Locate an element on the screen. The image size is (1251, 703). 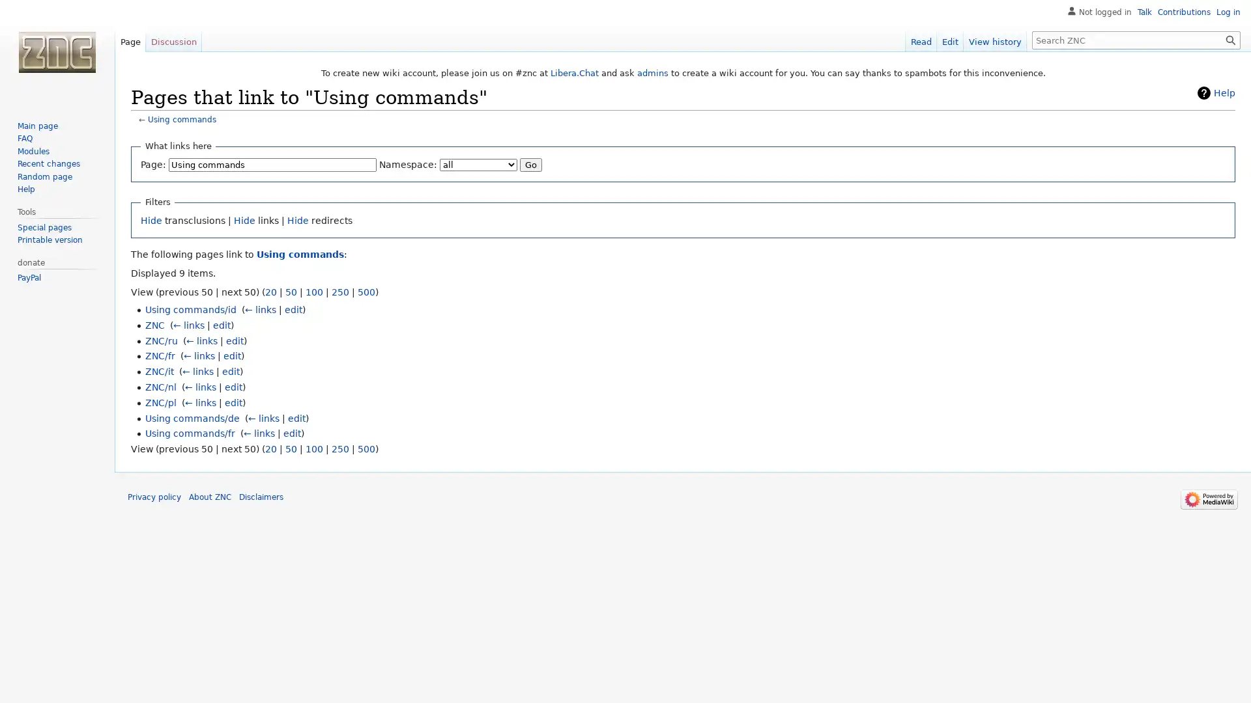
Go is located at coordinates (531, 164).